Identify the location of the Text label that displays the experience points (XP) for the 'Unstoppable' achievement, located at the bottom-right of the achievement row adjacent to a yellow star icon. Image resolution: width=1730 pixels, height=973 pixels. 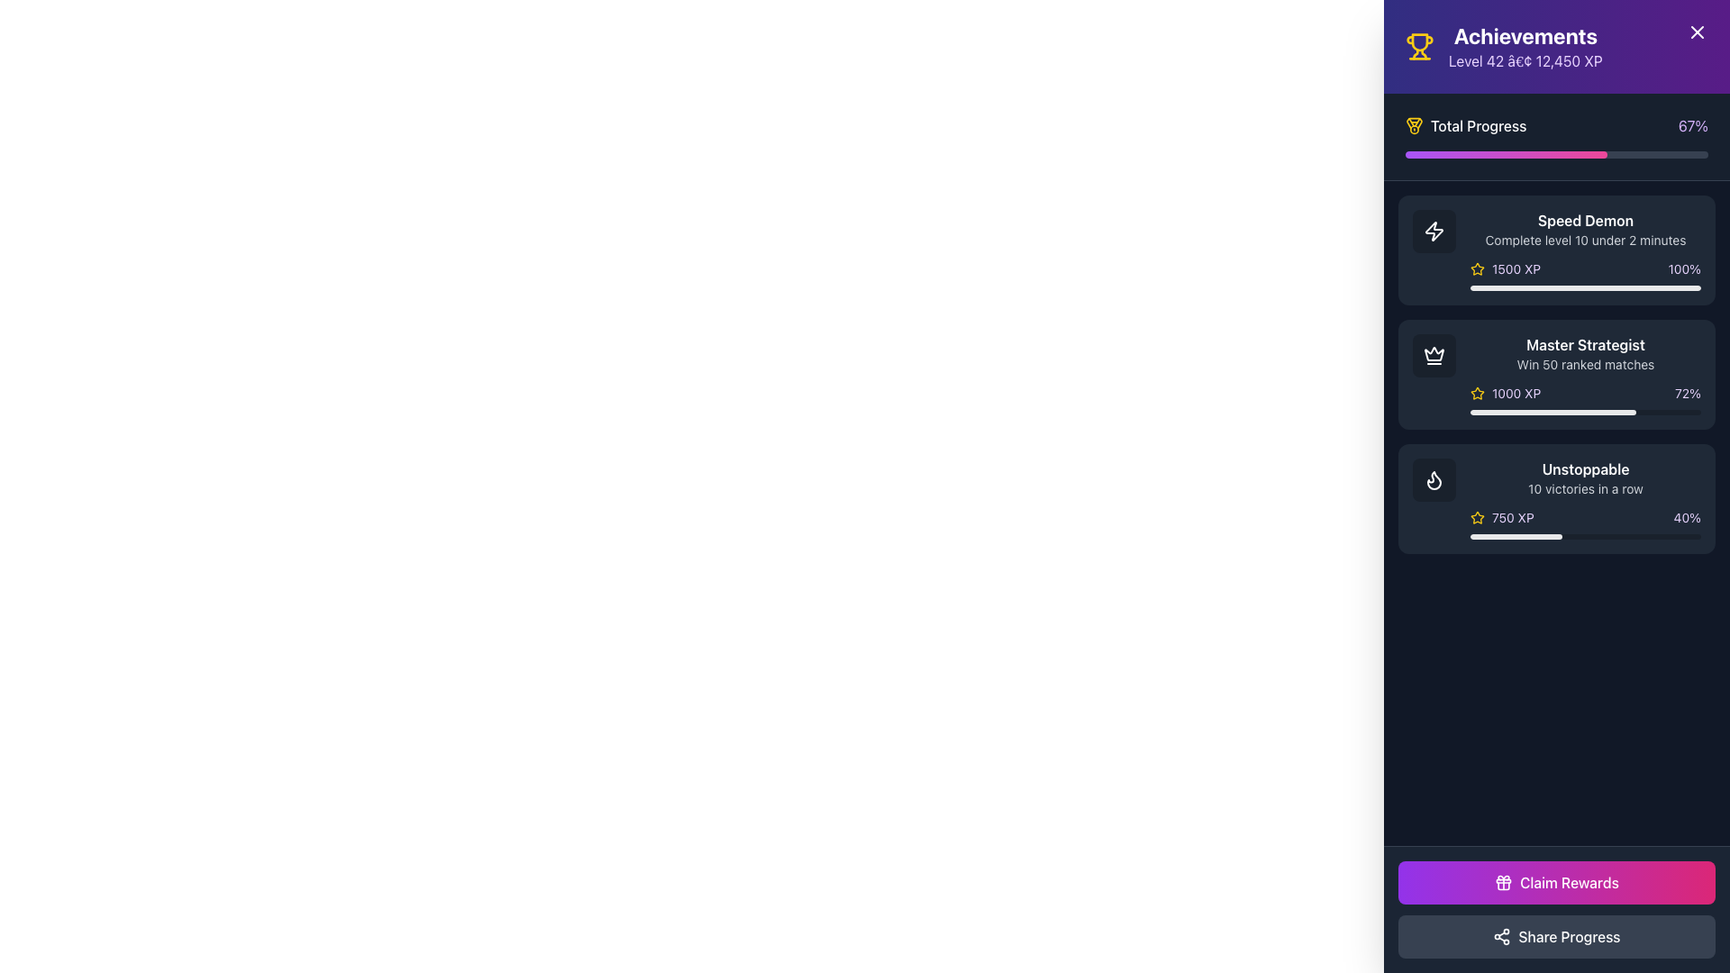
(1513, 517).